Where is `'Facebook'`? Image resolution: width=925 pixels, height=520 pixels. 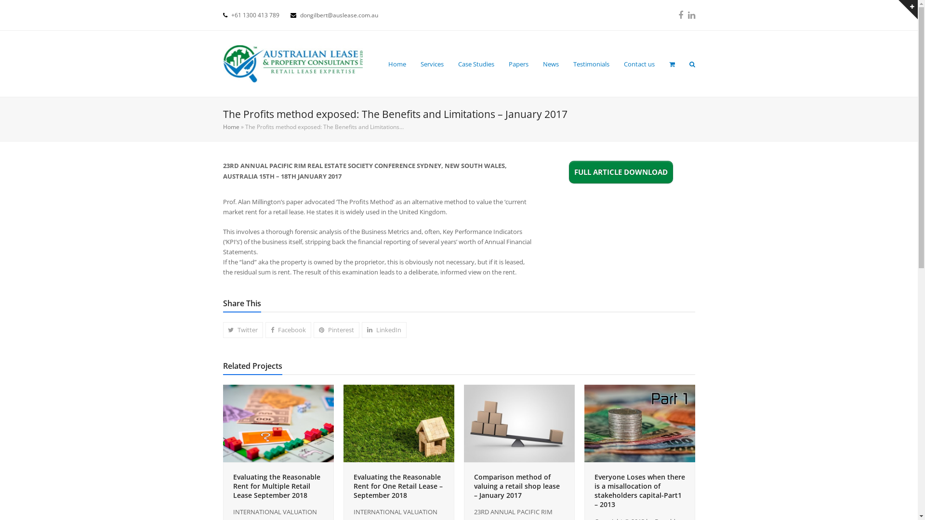
'Facebook' is located at coordinates (288, 329).